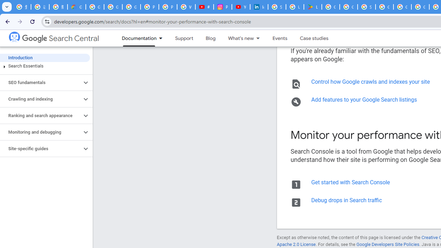  What do you see at coordinates (44, 66) in the screenshot?
I see `'Search Essentials'` at bounding box center [44, 66].